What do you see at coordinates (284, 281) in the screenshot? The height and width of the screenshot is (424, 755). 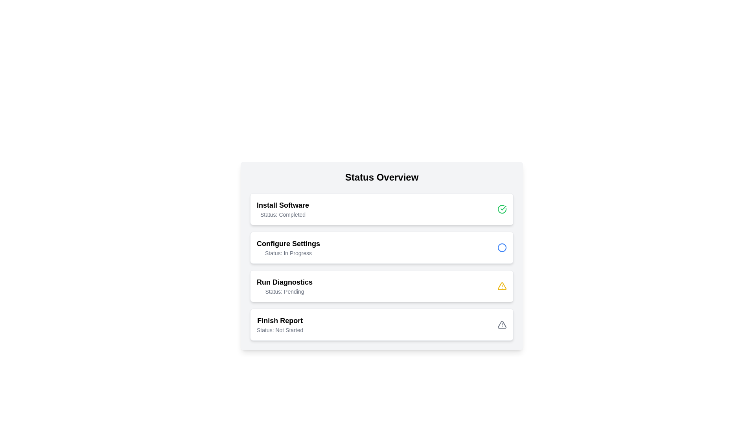 I see `the label indicating 'Run Diagnostics', which is the top text component above the status 'Status: Pending' in the vertically stacked list of status items` at bounding box center [284, 281].